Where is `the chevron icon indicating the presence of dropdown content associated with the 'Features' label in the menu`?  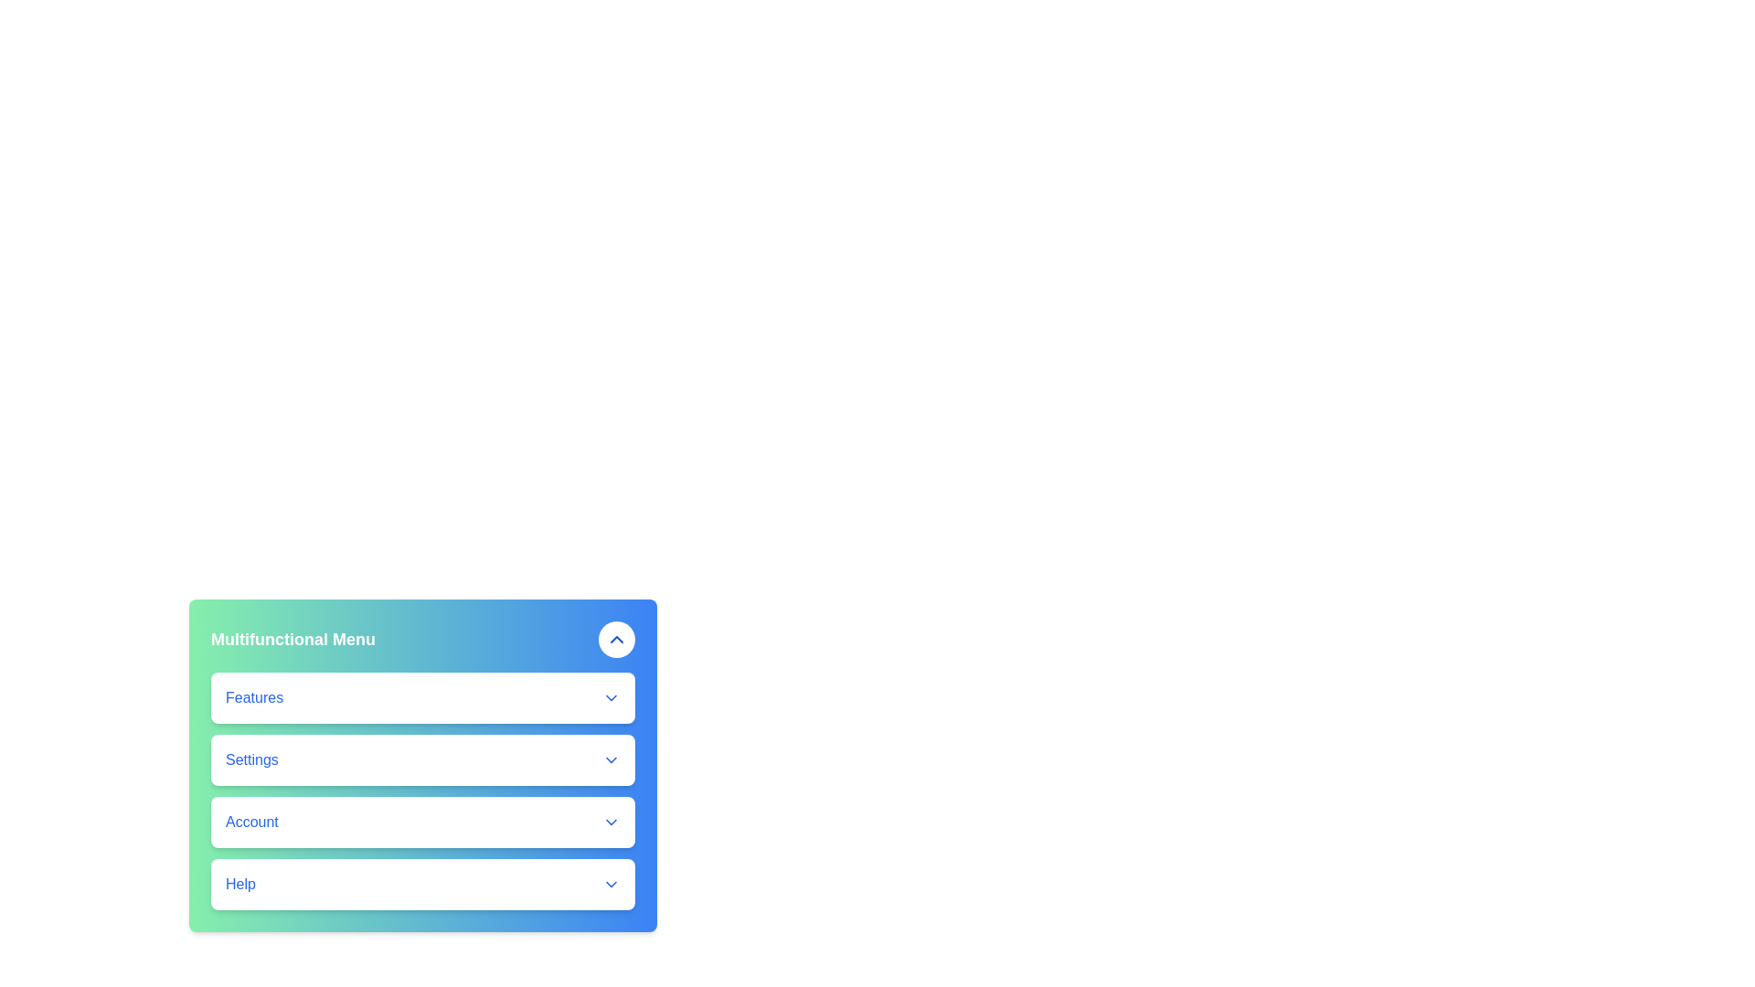
the chevron icon indicating the presence of dropdown content associated with the 'Features' label in the menu is located at coordinates (611, 697).